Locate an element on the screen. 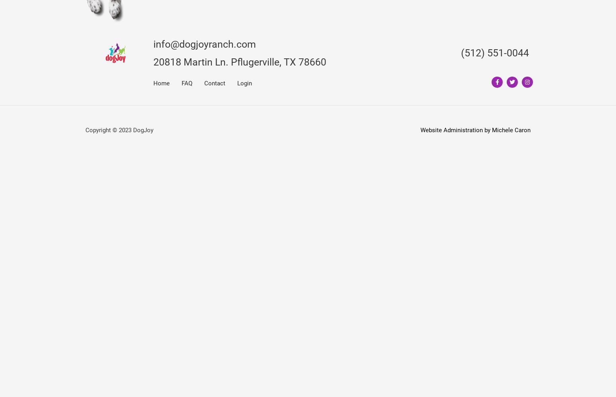 The height and width of the screenshot is (397, 616). '(512) 551-0044' is located at coordinates (494, 53).